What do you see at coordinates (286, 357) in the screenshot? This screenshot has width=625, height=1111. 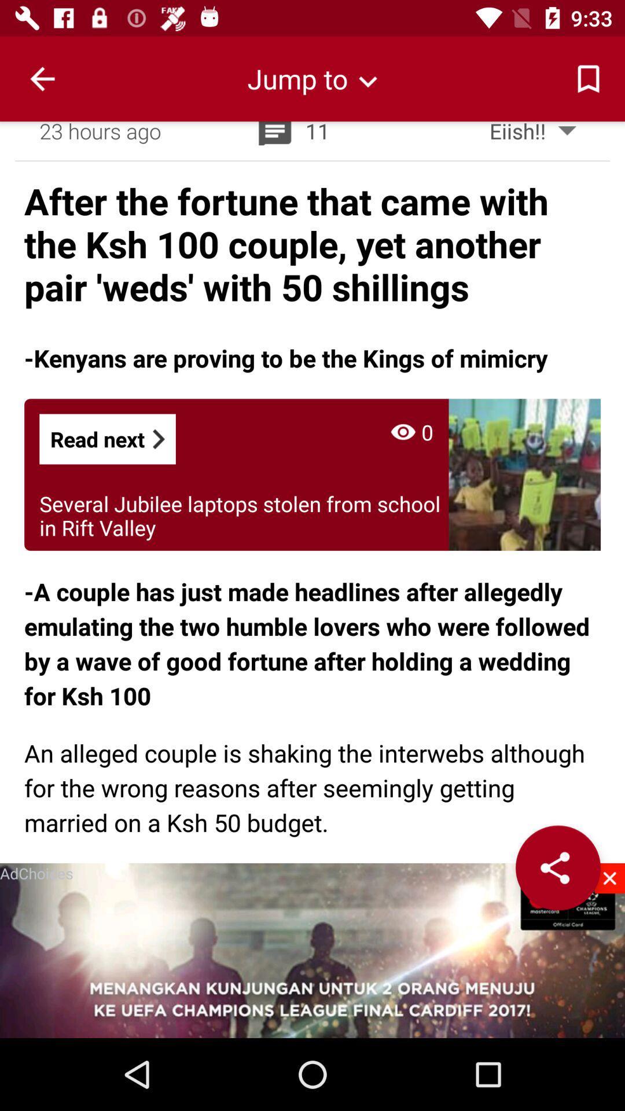 I see `item below after the fortune icon` at bounding box center [286, 357].